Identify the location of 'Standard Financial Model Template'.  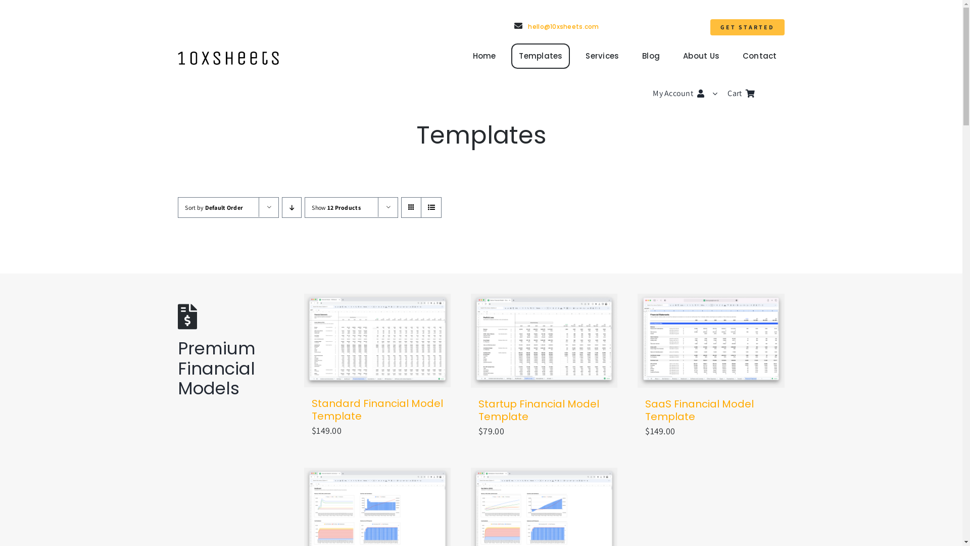
(377, 409).